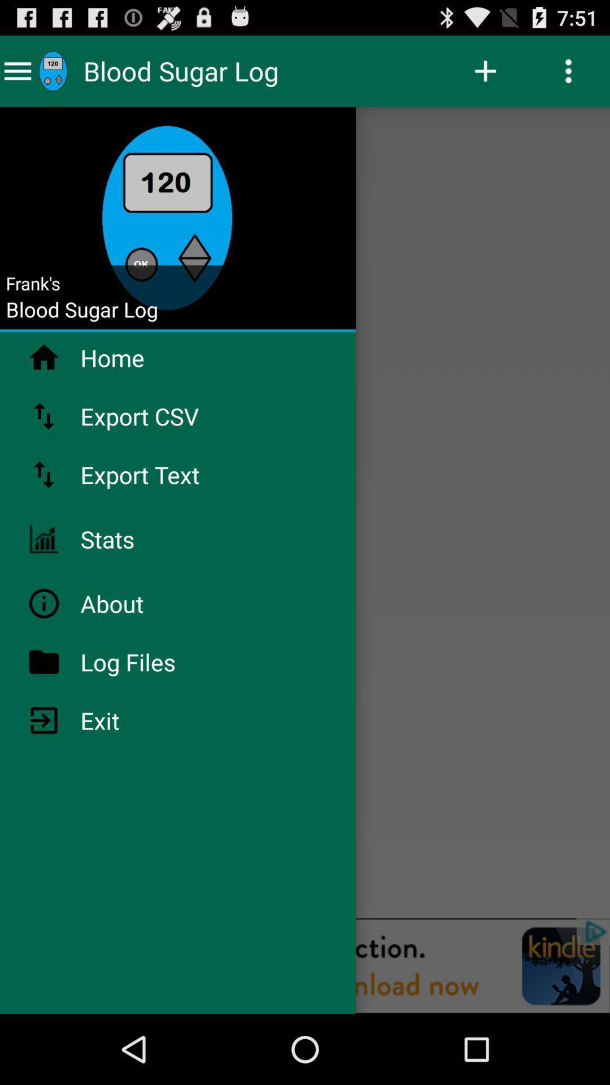 Image resolution: width=610 pixels, height=1085 pixels. What do you see at coordinates (169, 415) in the screenshot?
I see `export csv` at bounding box center [169, 415].